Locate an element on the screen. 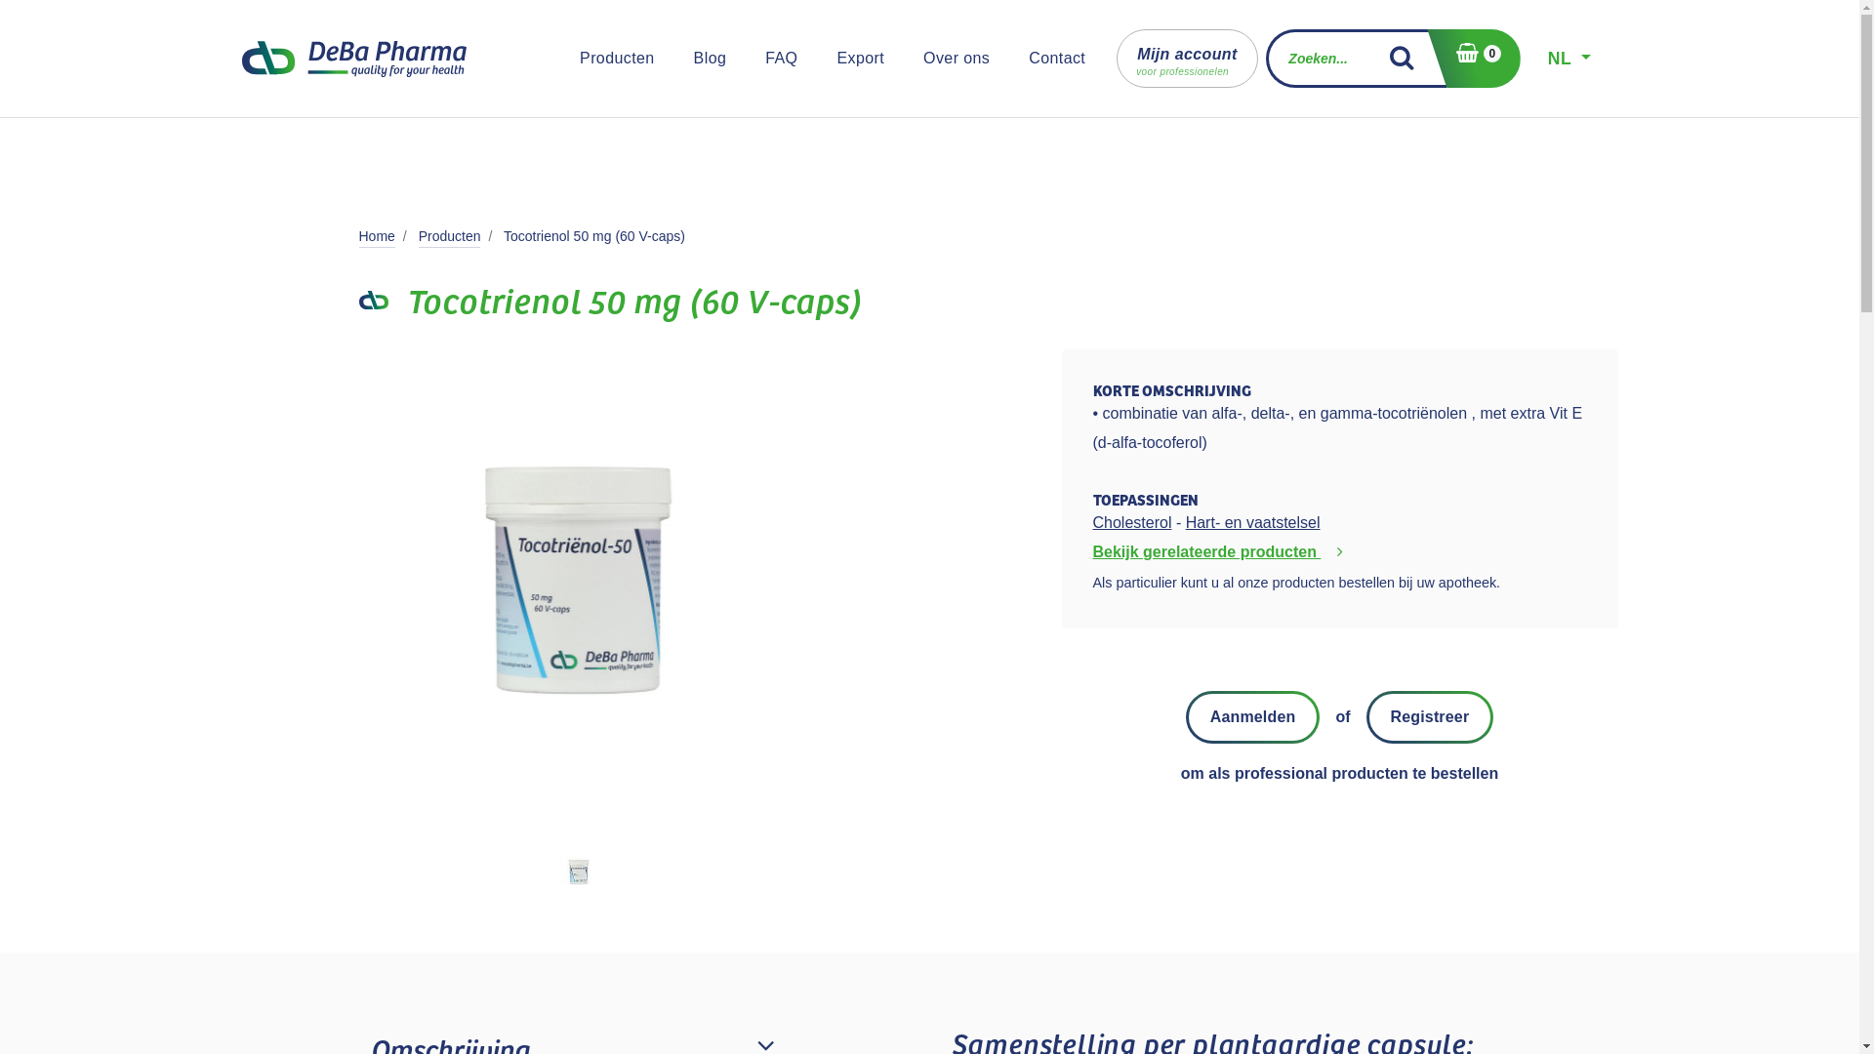  'Cholesterol' is located at coordinates (1132, 521).